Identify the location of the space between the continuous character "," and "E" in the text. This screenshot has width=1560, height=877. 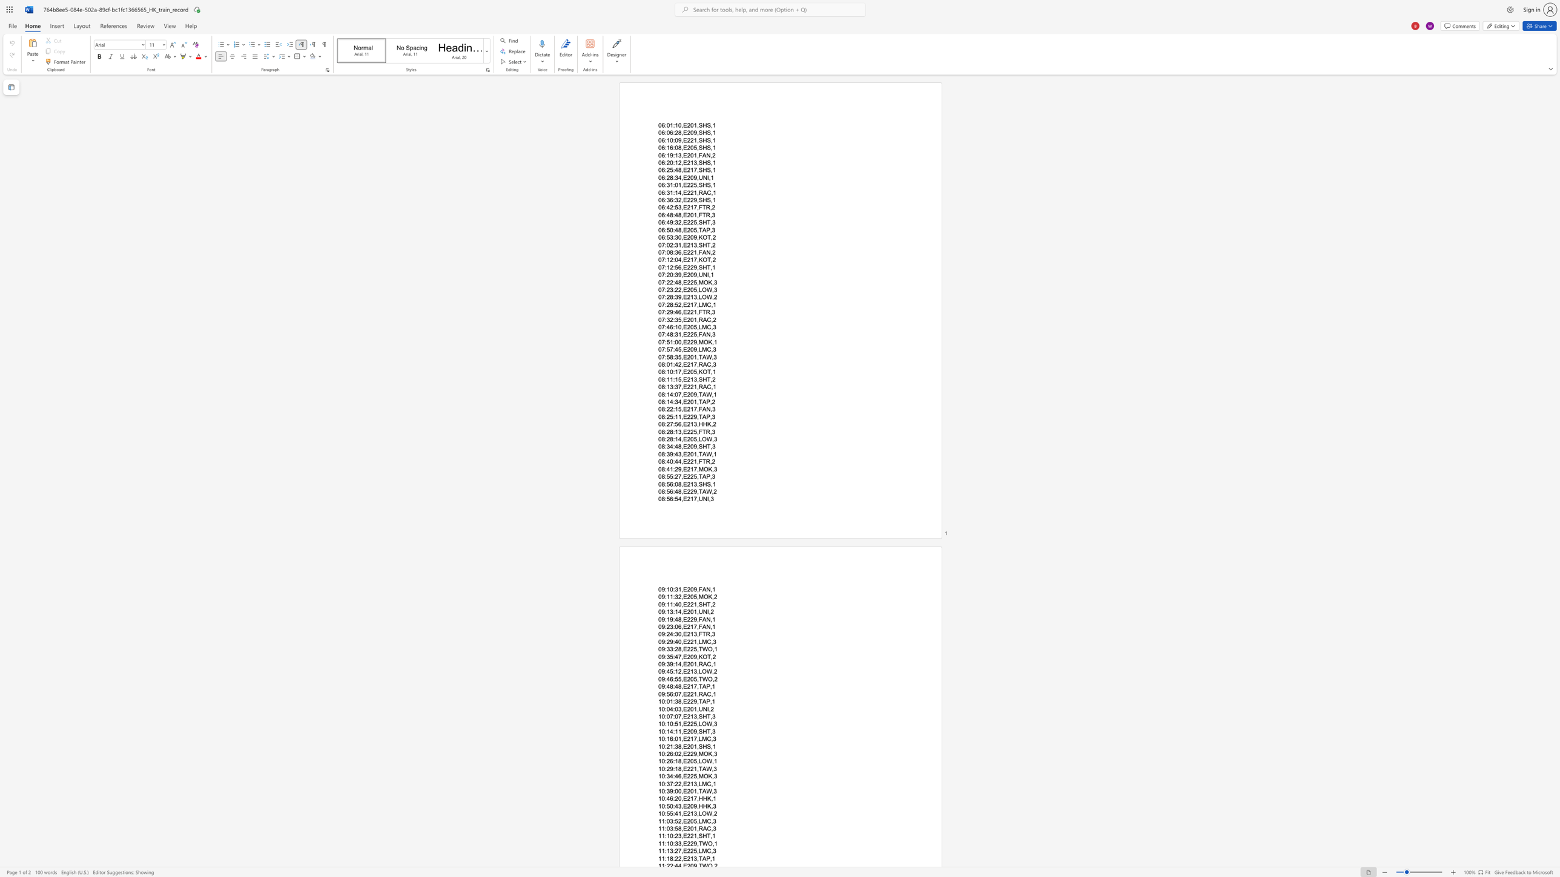
(683, 827).